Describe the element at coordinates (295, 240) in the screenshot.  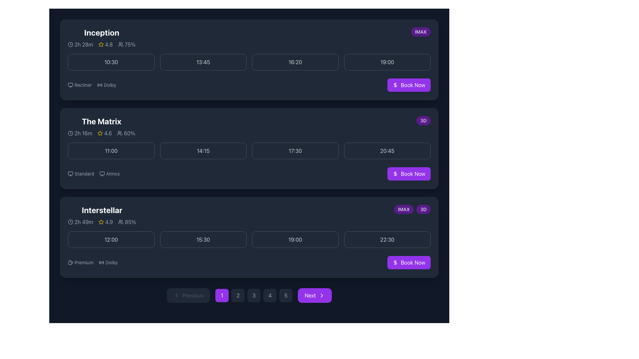
I see `the third button labeled '19:00' in the 'Interstellar' section, located between '15:30' and '22:30'` at that location.